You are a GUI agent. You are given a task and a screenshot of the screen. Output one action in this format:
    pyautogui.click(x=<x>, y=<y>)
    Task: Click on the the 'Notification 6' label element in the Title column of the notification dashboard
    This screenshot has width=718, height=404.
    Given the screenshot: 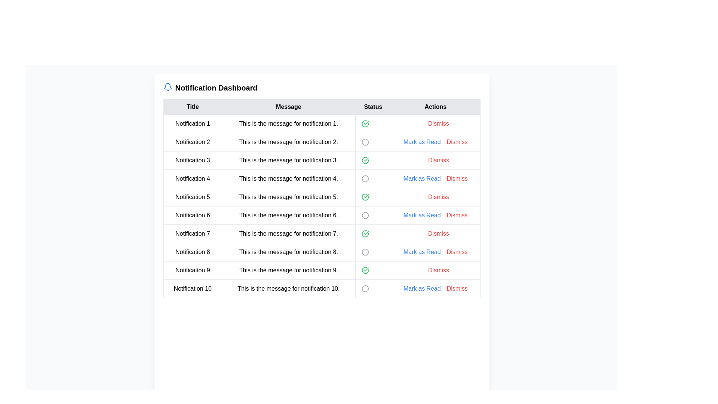 What is the action you would take?
    pyautogui.click(x=193, y=215)
    